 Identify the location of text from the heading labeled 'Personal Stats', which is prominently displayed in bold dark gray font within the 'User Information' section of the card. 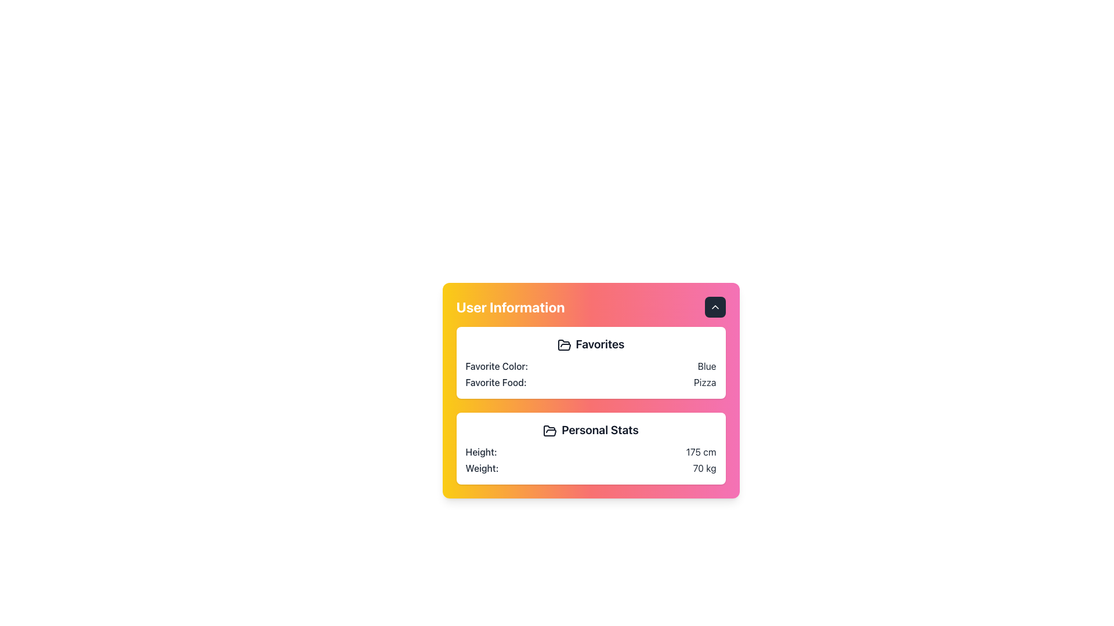
(591, 430).